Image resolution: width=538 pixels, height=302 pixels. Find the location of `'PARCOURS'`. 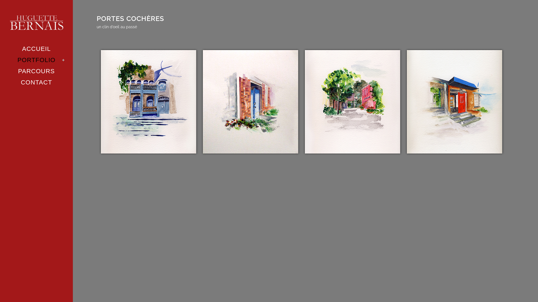

'PARCOURS' is located at coordinates (36, 71).